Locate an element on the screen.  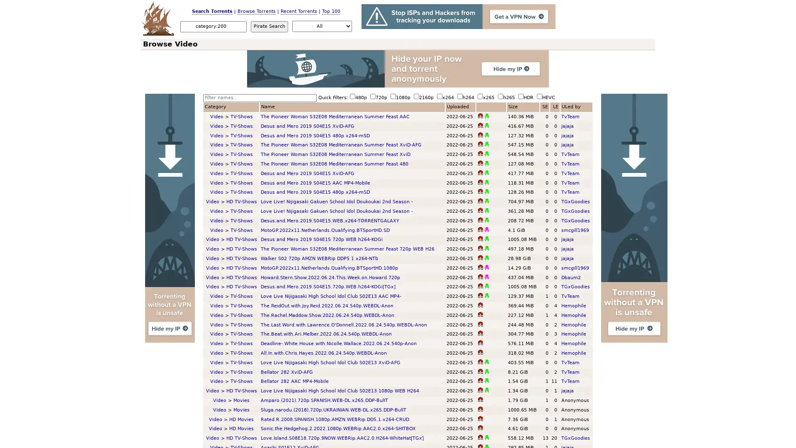
Pirate Search is located at coordinates (269, 26).